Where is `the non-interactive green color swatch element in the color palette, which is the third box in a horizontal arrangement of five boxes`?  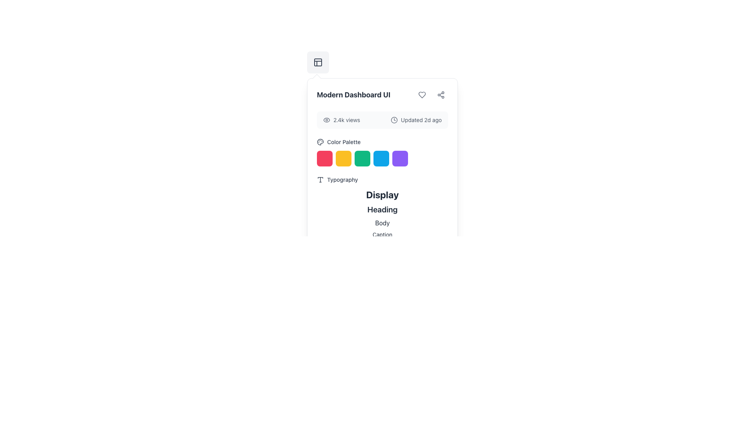 the non-interactive green color swatch element in the color palette, which is the third box in a horizontal arrangement of five boxes is located at coordinates (362, 159).